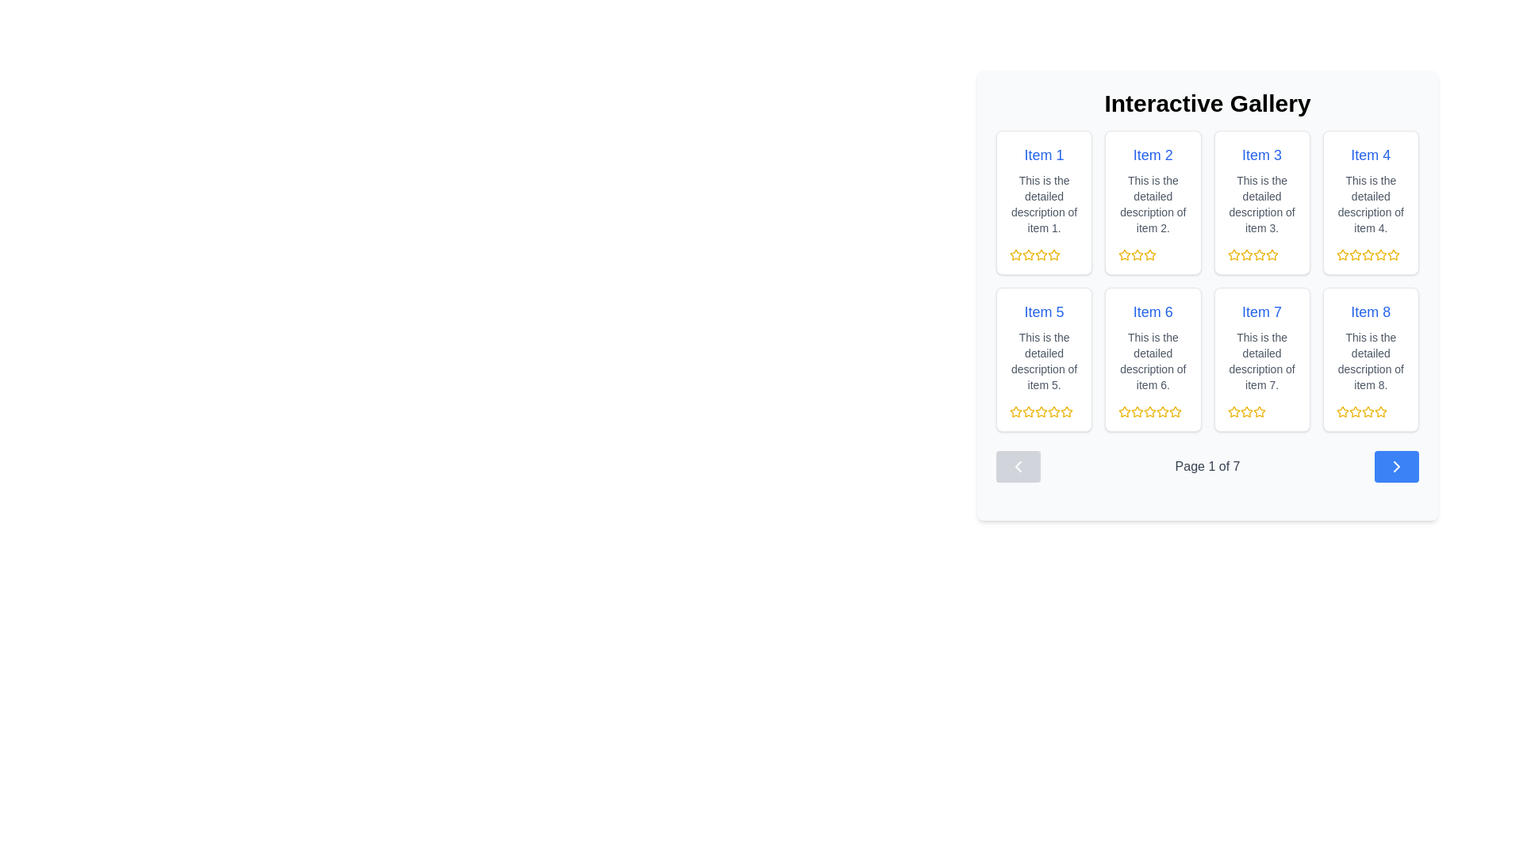 This screenshot has height=856, width=1523. I want to click on the yellow star icon in the Rating component of 'Item 5' to indicate a rating, so click(1044, 411).